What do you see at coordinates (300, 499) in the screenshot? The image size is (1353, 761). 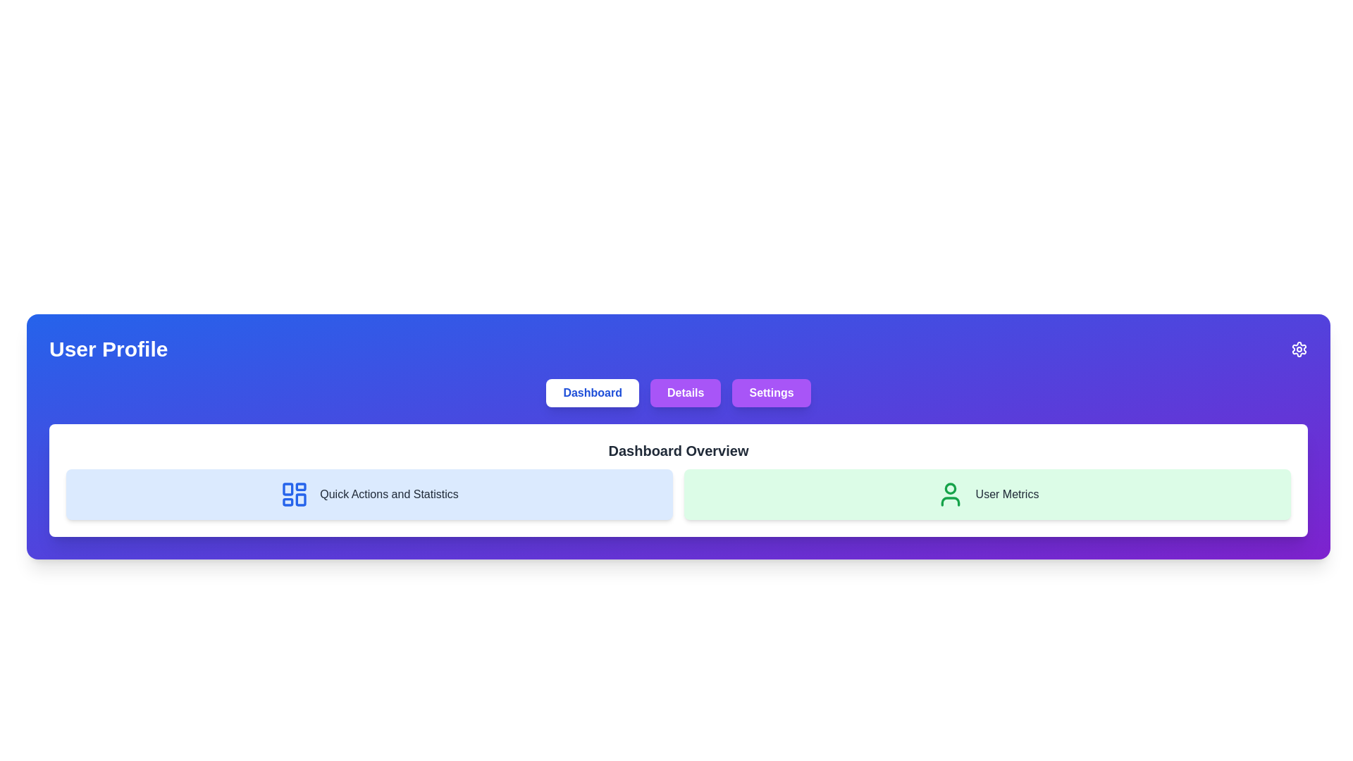 I see `the third decorative rectangle within the icon in the 'Quick Actions and Statistics' section` at bounding box center [300, 499].